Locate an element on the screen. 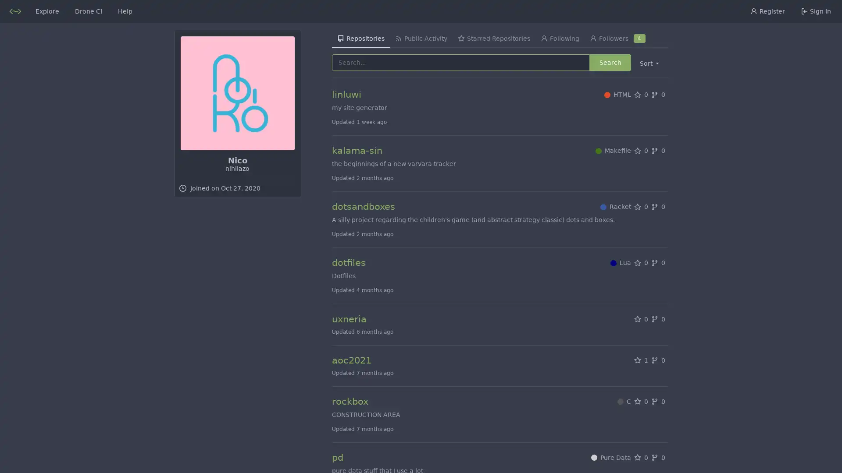 This screenshot has width=842, height=473. Search is located at coordinates (610, 62).